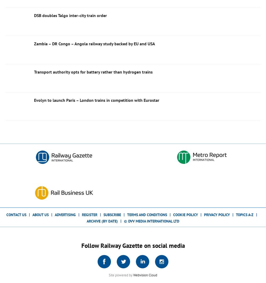  What do you see at coordinates (142, 245) in the screenshot?
I see `'Railway Gazette on social media'` at bounding box center [142, 245].